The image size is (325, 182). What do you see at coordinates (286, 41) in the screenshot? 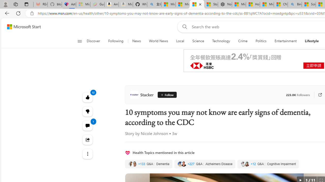
I see `'Entertainment'` at bounding box center [286, 41].